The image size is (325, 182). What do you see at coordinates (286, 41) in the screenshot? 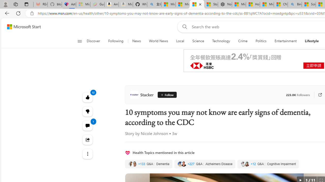
I see `'Entertainment'` at bounding box center [286, 41].